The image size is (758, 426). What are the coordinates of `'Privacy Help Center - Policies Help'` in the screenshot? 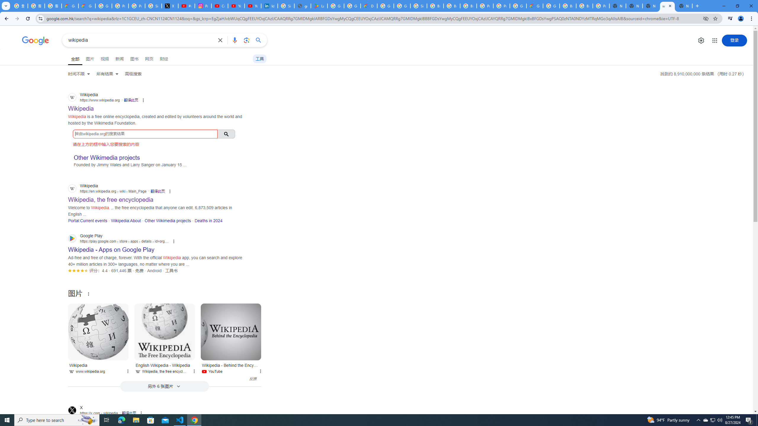 It's located at (136, 6).